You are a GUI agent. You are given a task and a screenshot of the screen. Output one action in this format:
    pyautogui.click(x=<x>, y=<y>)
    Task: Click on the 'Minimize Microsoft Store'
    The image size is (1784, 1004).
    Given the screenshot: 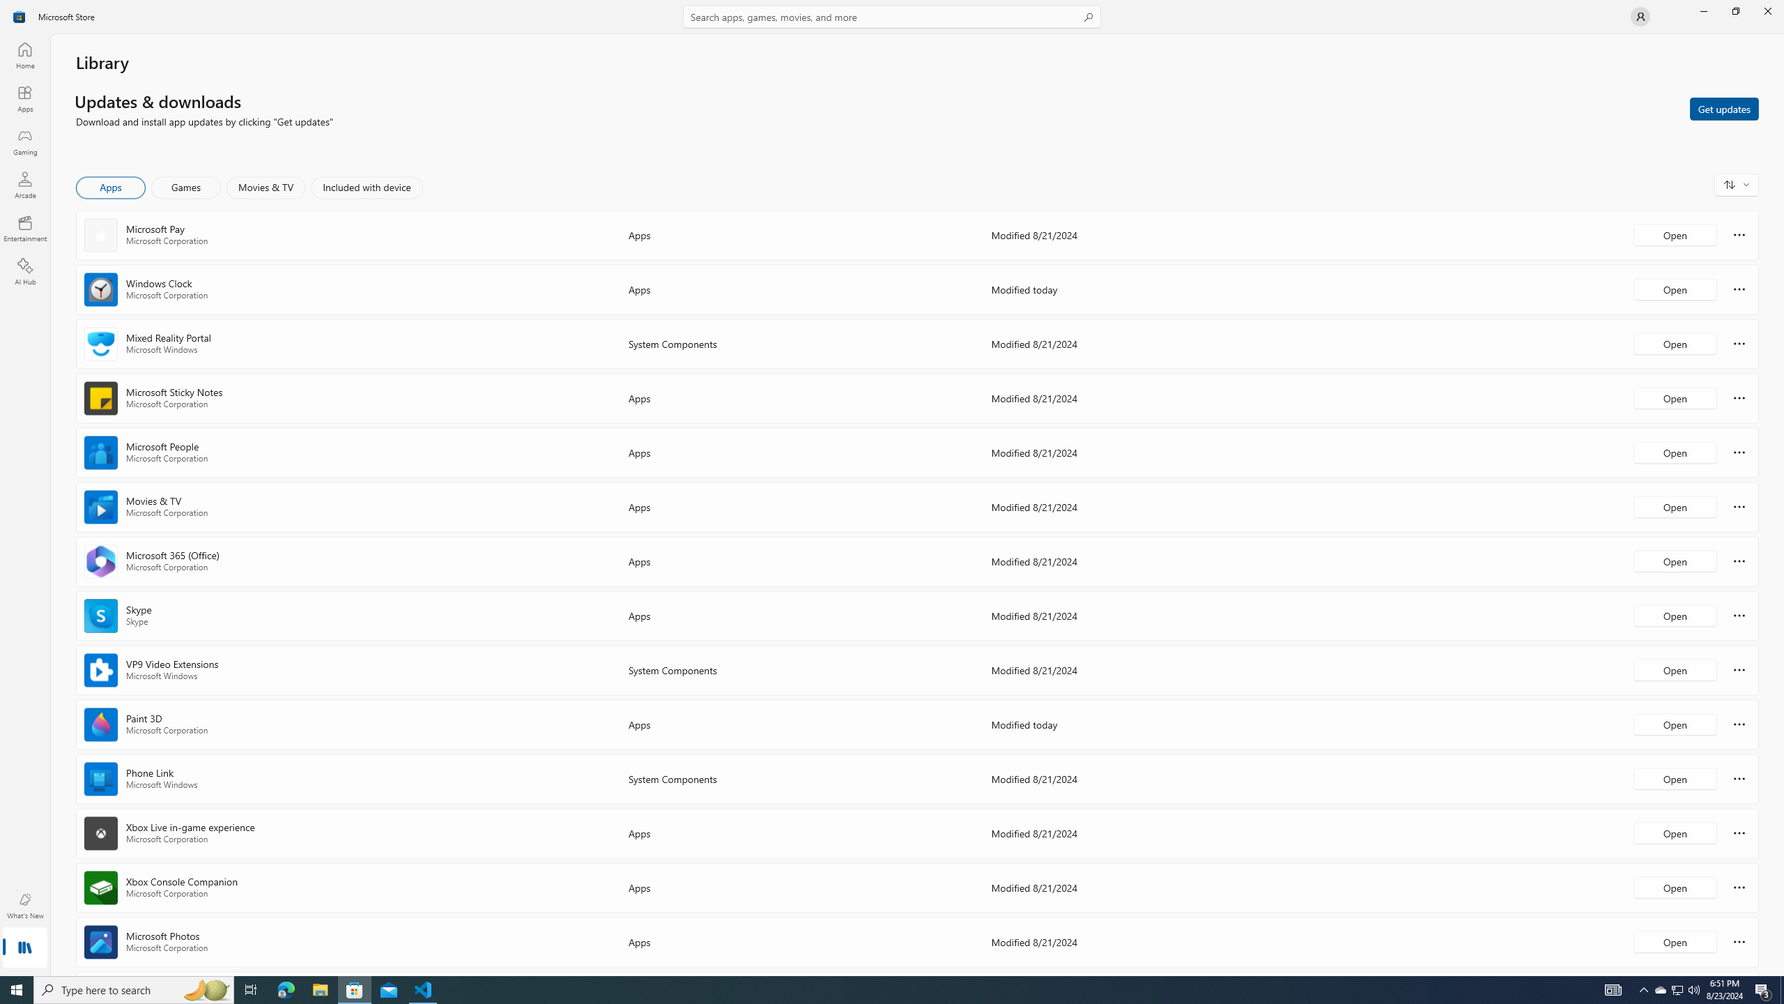 What is the action you would take?
    pyautogui.click(x=1702, y=10)
    